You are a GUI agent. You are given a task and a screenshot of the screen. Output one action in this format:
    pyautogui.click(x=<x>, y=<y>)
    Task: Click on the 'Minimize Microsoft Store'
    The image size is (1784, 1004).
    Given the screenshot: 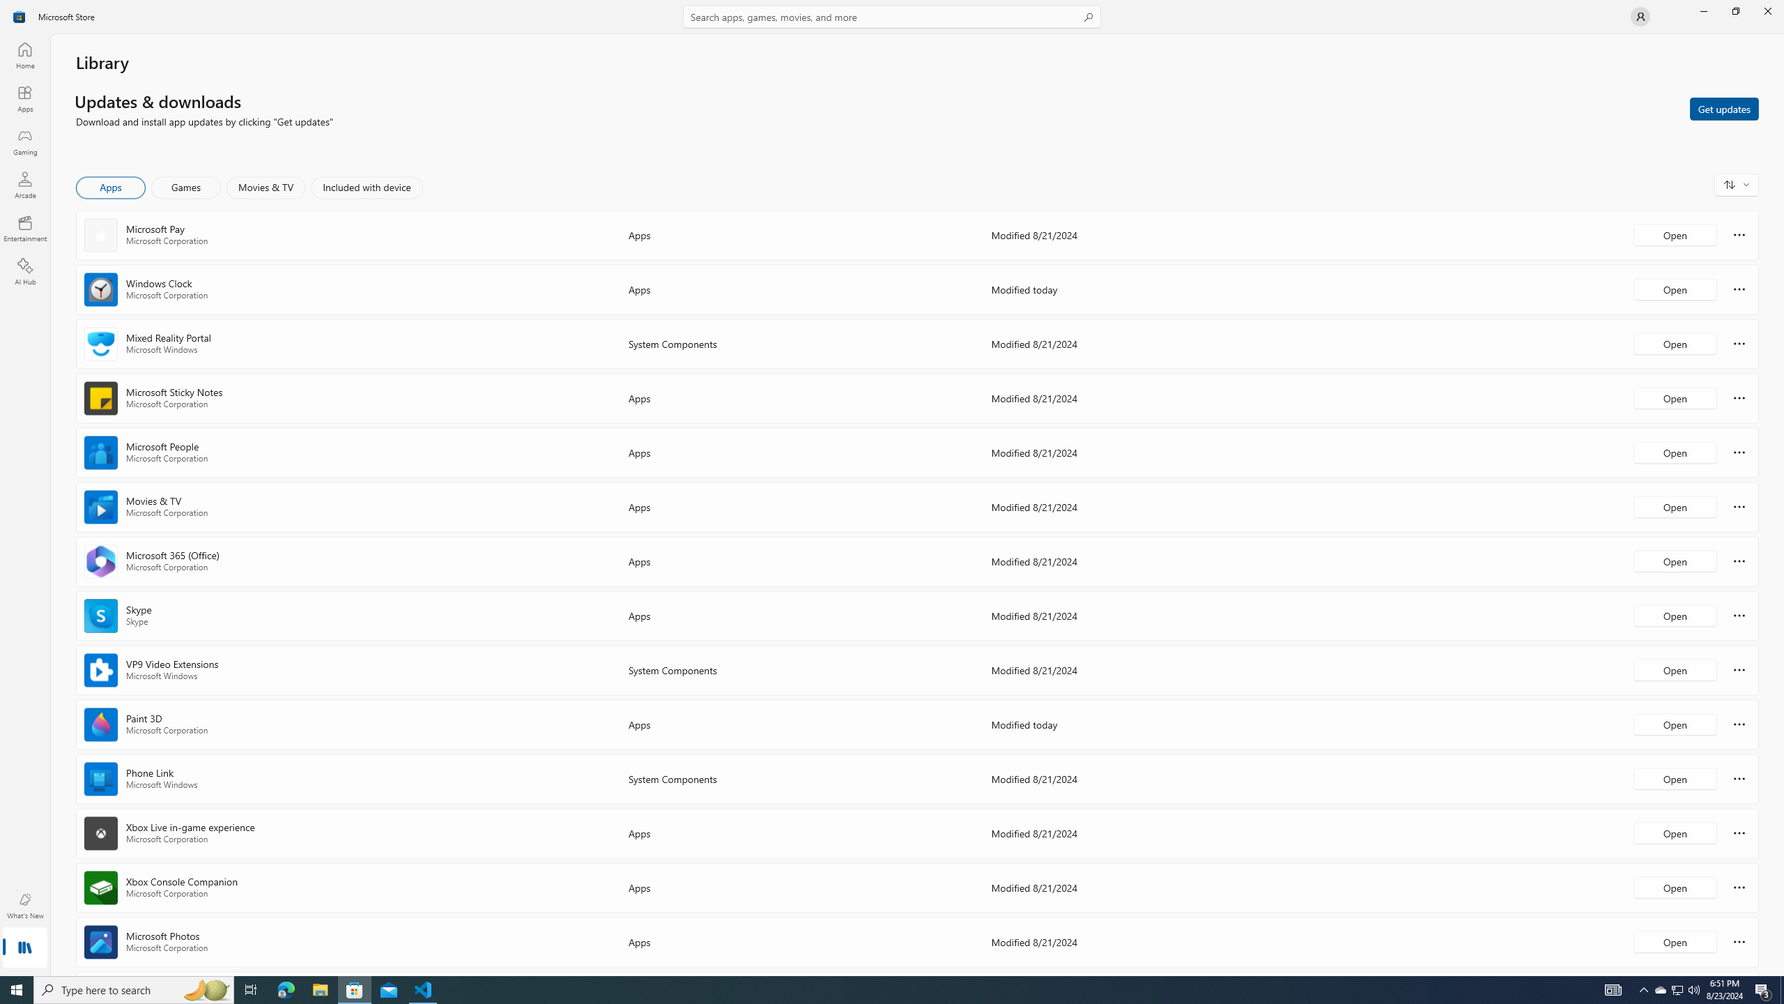 What is the action you would take?
    pyautogui.click(x=1702, y=10)
    